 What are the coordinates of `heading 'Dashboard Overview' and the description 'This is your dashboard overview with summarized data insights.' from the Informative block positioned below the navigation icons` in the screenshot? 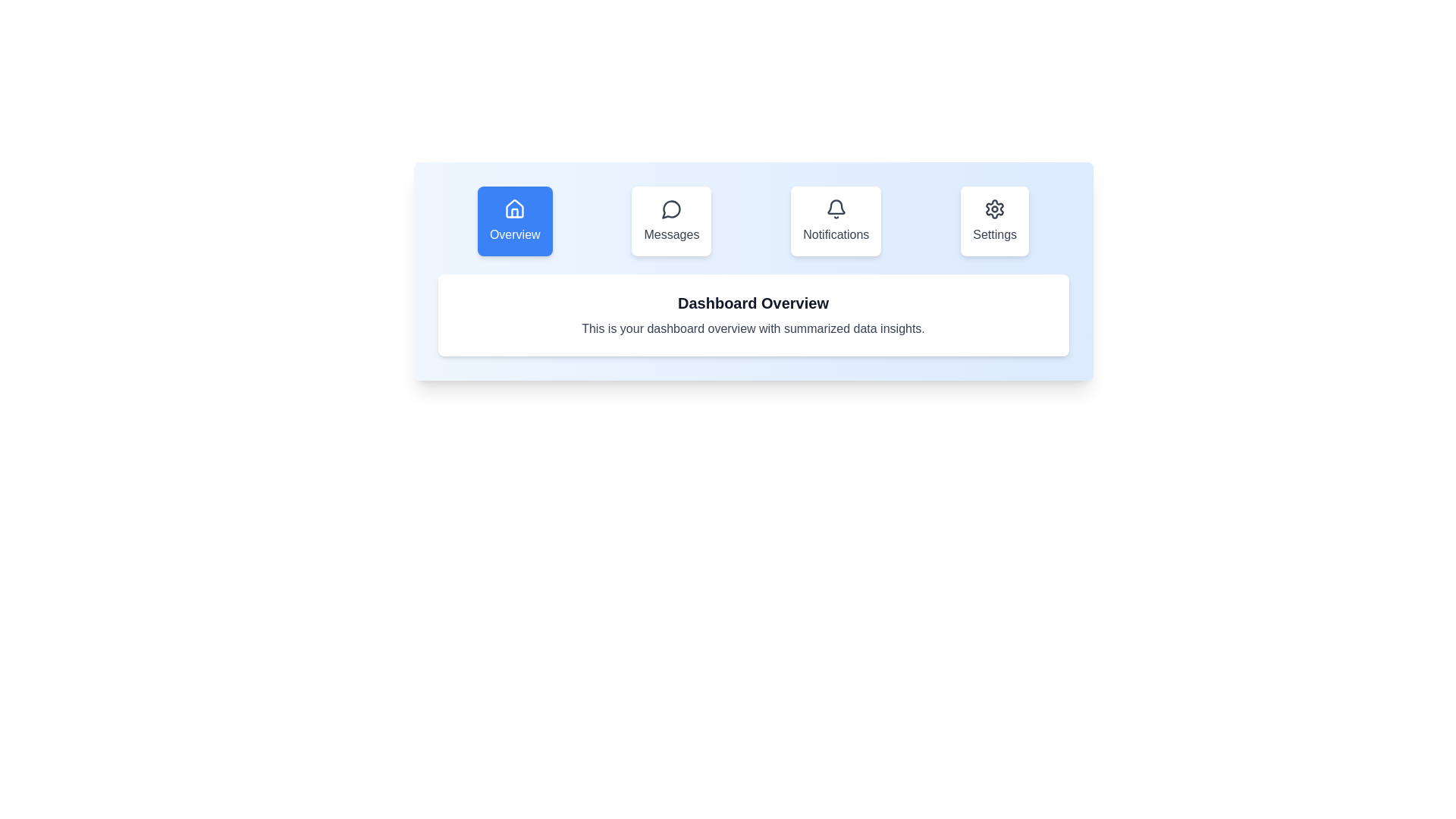 It's located at (753, 315).